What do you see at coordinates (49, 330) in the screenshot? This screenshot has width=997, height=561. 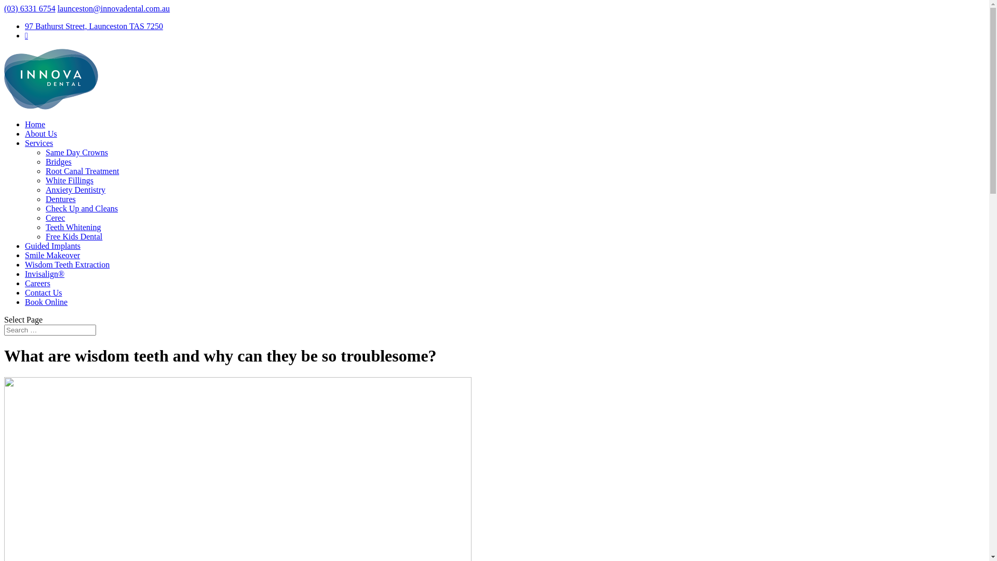 I see `'Search for:'` at bounding box center [49, 330].